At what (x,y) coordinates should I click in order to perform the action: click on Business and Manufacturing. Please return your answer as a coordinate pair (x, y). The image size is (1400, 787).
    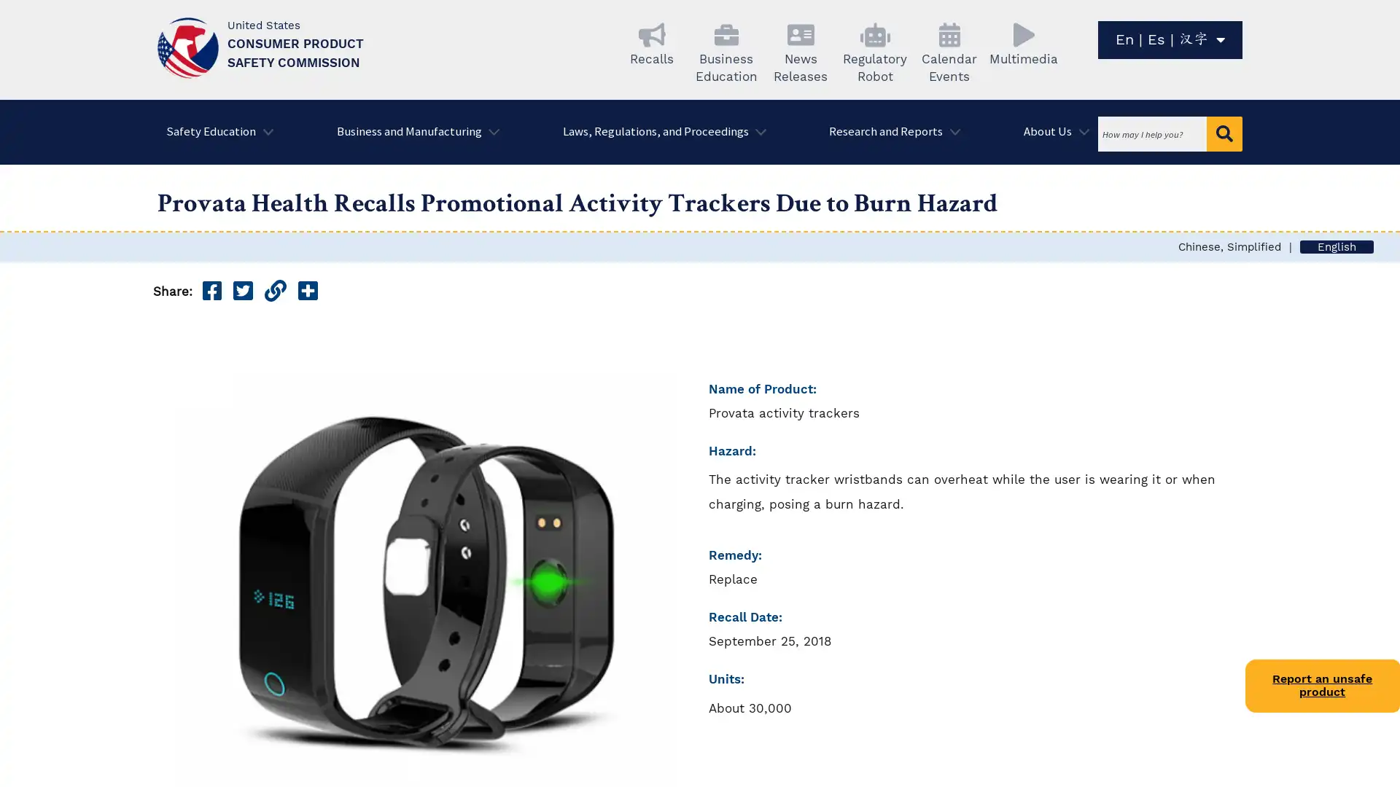
    Looking at the image, I should click on (412, 132).